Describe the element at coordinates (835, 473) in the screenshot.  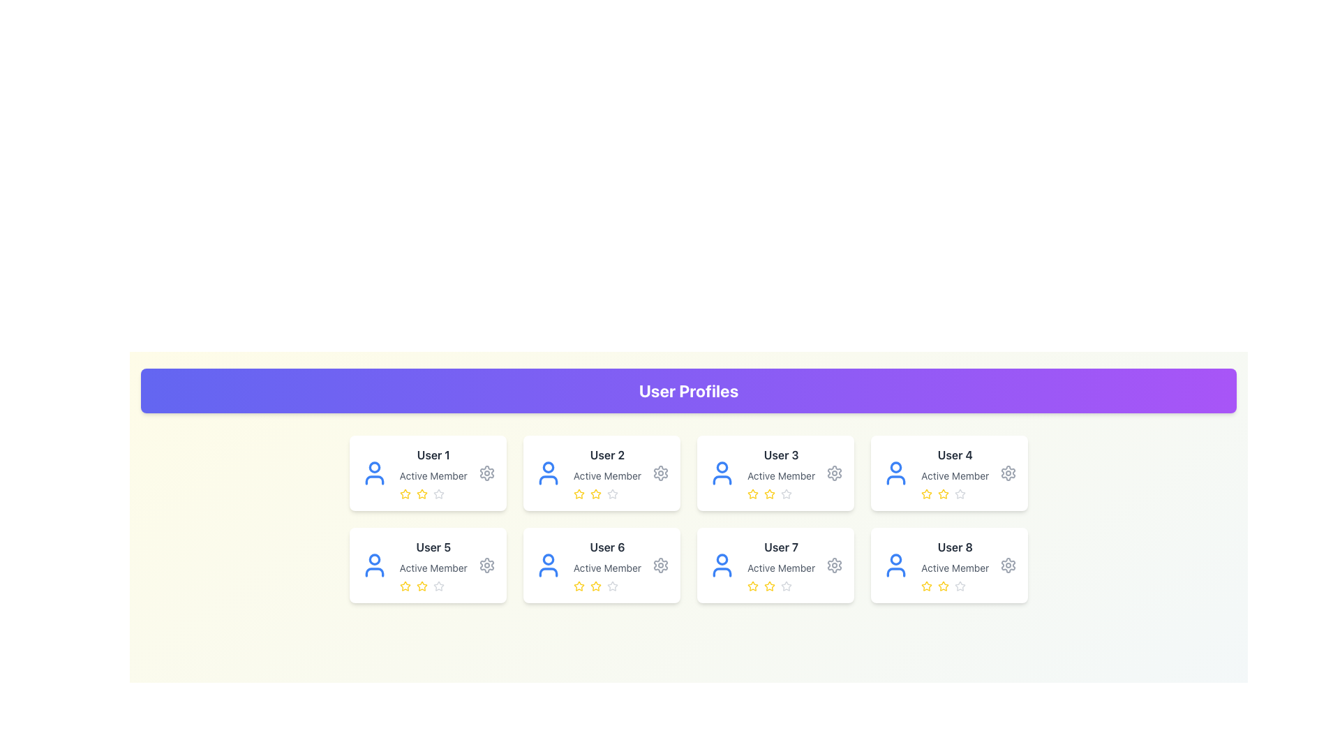
I see `the cogwheel icon in the top-right corner of the 'User 3' card` at that location.